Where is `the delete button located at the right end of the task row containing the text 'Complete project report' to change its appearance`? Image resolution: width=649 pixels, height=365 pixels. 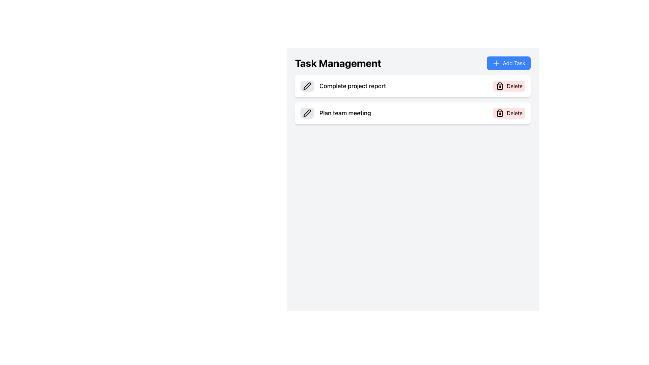 the delete button located at the right end of the task row containing the text 'Complete project report' to change its appearance is located at coordinates (509, 86).